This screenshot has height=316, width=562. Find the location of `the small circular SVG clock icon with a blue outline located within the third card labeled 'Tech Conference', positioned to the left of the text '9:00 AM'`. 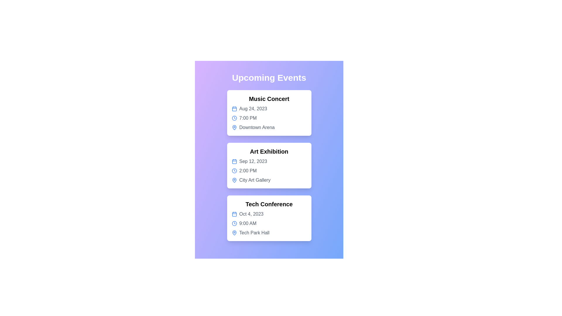

the small circular SVG clock icon with a blue outline located within the third card labeled 'Tech Conference', positioned to the left of the text '9:00 AM' is located at coordinates (234, 223).